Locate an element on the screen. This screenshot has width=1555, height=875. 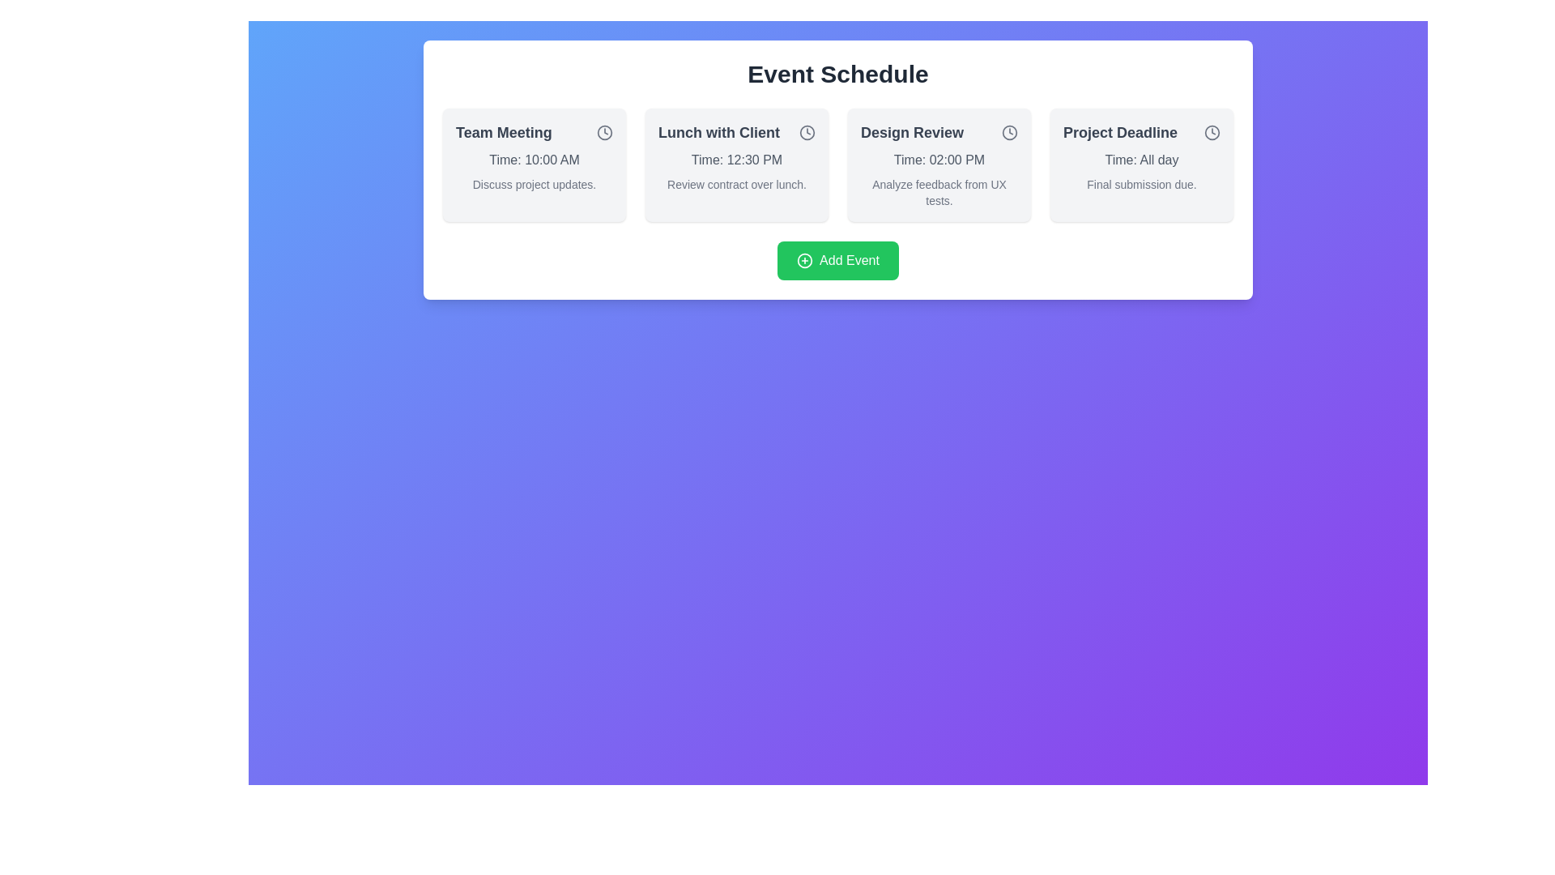
the text label displaying the scheduled time for the 'Design Review' event, located in the middle section of the third card in the horizontal row of event cards is located at coordinates (939, 160).